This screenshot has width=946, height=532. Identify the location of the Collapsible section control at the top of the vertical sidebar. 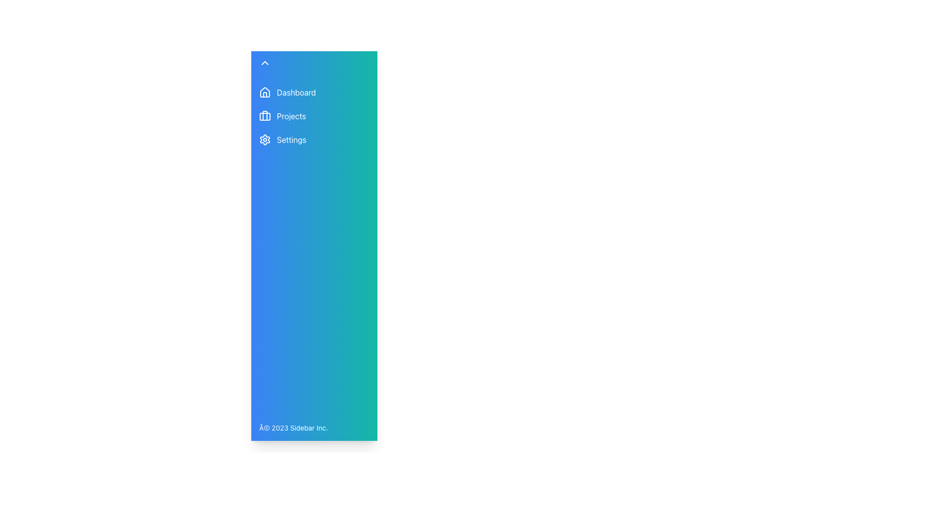
(293, 63).